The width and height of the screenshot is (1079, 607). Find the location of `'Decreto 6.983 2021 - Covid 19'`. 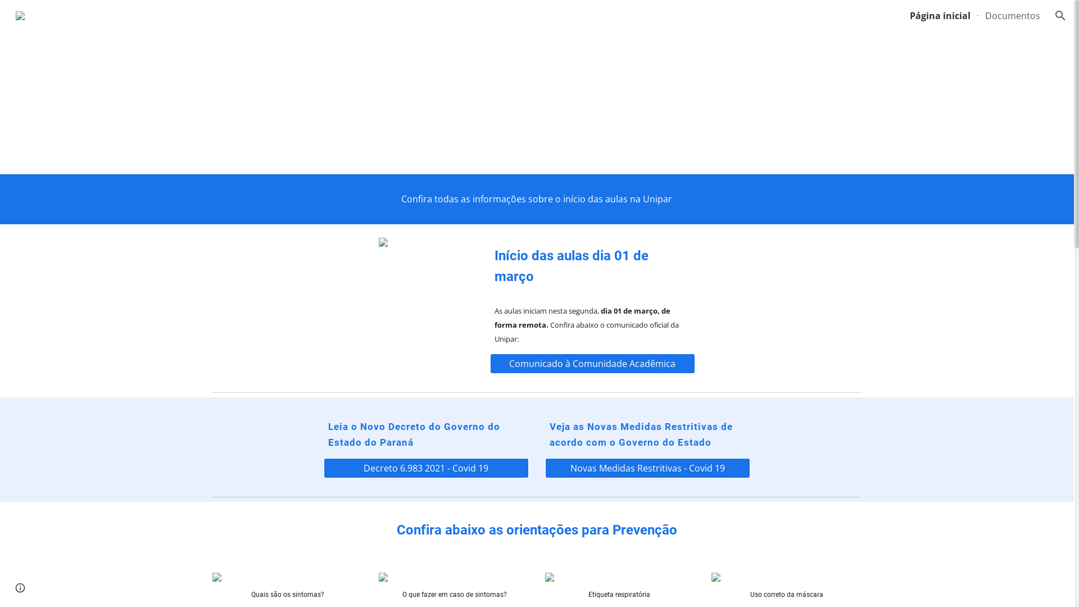

'Decreto 6.983 2021 - Covid 19' is located at coordinates (425, 468).